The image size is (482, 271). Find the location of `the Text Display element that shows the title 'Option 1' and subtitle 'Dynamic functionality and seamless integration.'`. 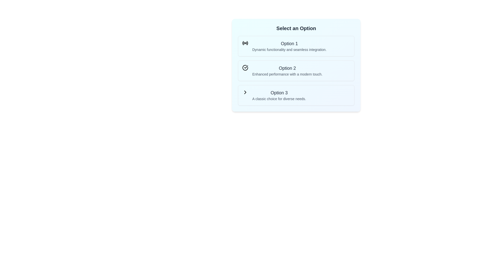

the Text Display element that shows the title 'Option 1' and subtitle 'Dynamic functionality and seamless integration.' is located at coordinates (289, 46).